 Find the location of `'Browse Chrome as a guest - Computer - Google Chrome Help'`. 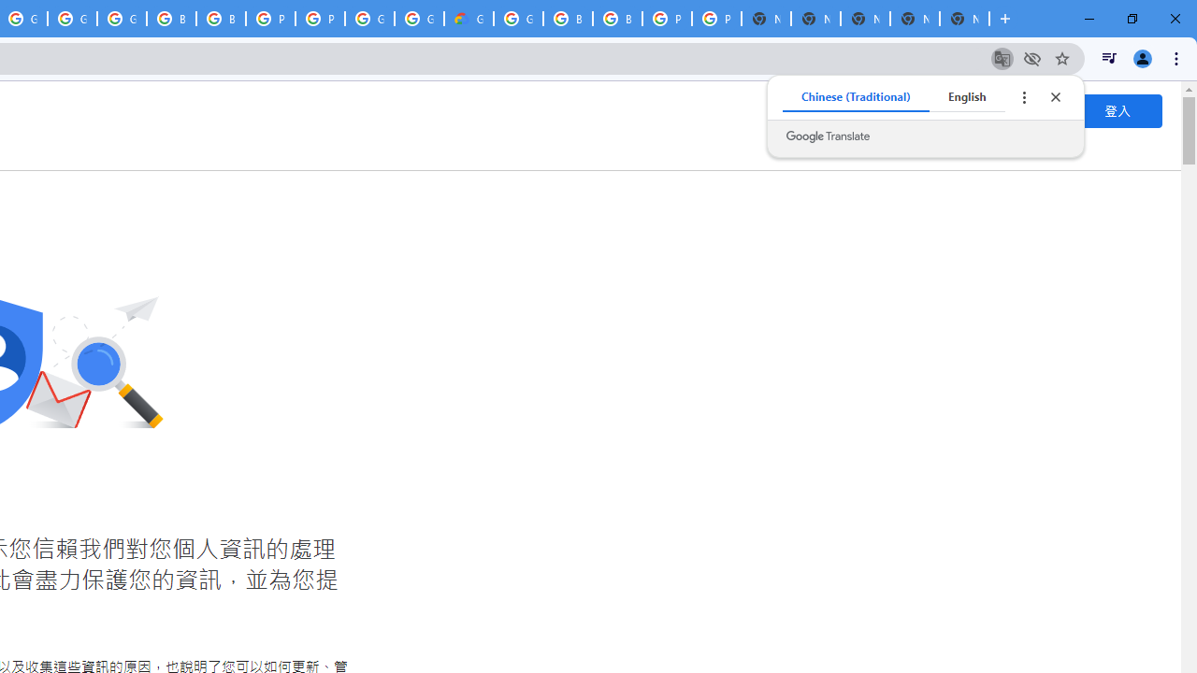

'Browse Chrome as a guest - Computer - Google Chrome Help' is located at coordinates (221, 19).